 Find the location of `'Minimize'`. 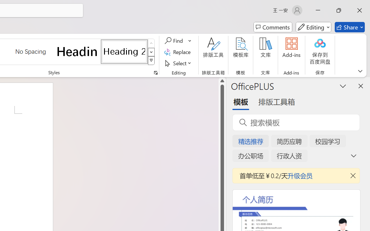

'Minimize' is located at coordinates (318, 10).